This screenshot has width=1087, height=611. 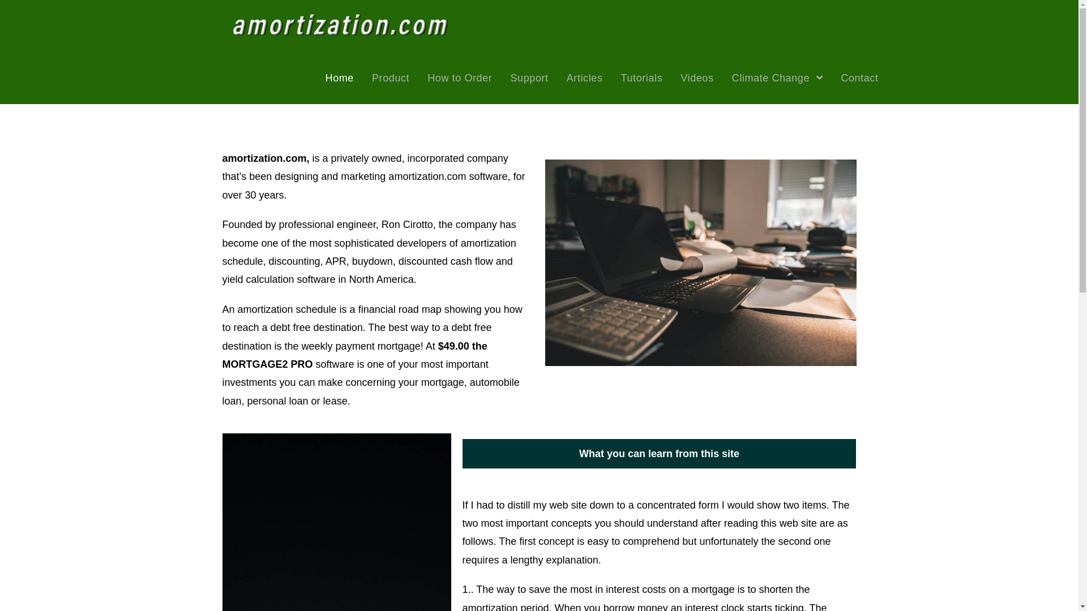 I want to click on 'Videos', so click(x=696, y=78).